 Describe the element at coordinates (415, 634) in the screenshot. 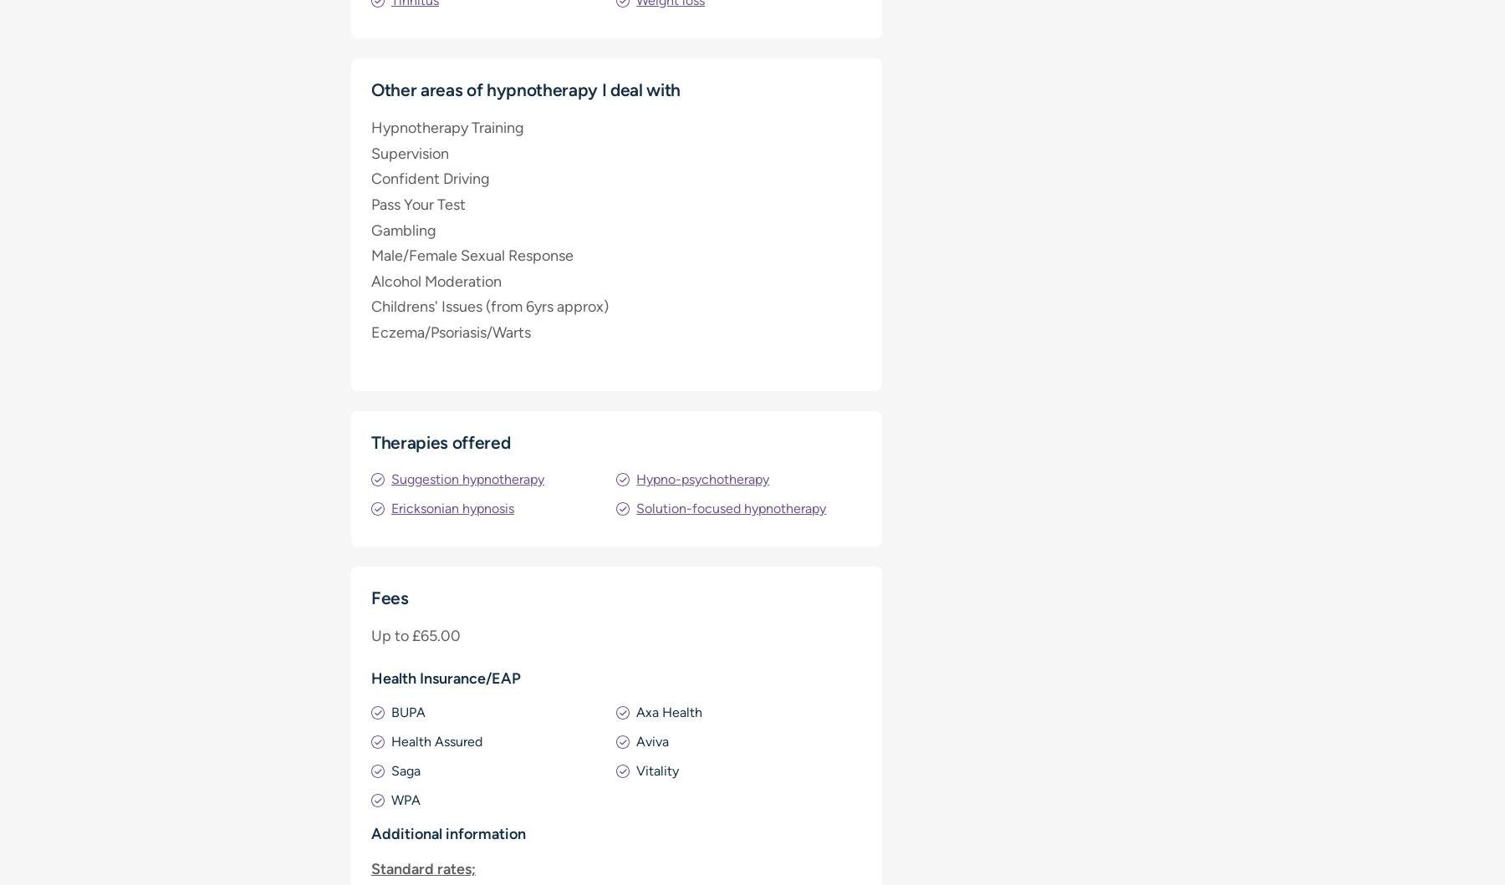

I see `'Up to £65.00'` at that location.